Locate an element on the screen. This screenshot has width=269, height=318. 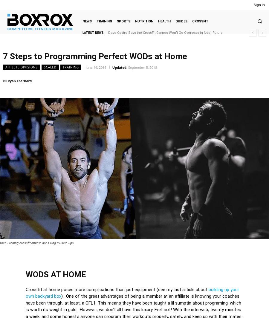
'Ryan Eberhard' is located at coordinates (7, 80).